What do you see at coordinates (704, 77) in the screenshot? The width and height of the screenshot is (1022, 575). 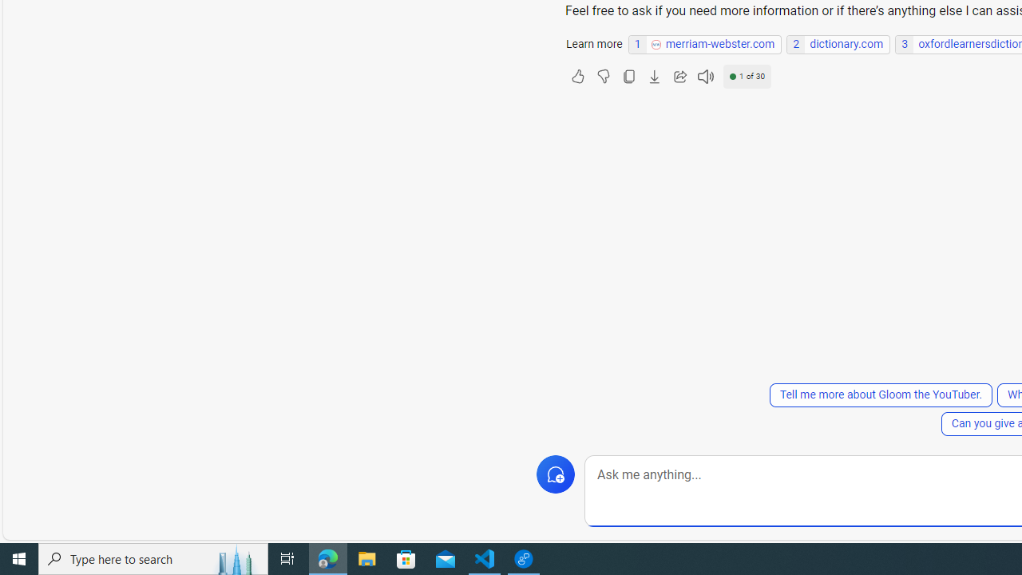 I see `'Read aloud'` at bounding box center [704, 77].